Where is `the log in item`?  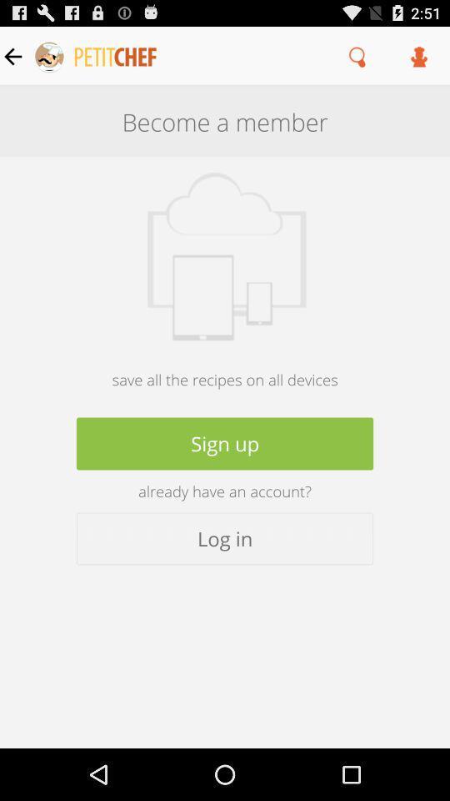
the log in item is located at coordinates (225, 537).